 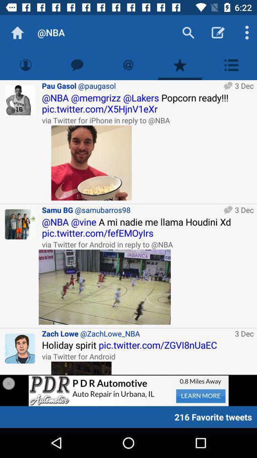 What do you see at coordinates (148, 344) in the screenshot?
I see `item above the via twitter for` at bounding box center [148, 344].